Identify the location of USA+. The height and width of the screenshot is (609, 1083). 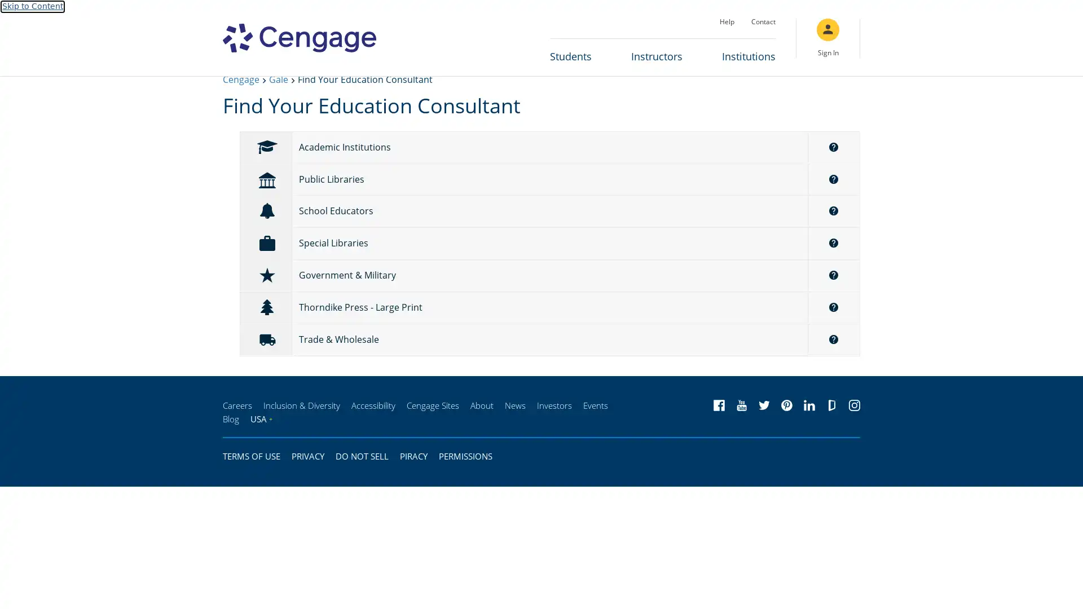
(260, 439).